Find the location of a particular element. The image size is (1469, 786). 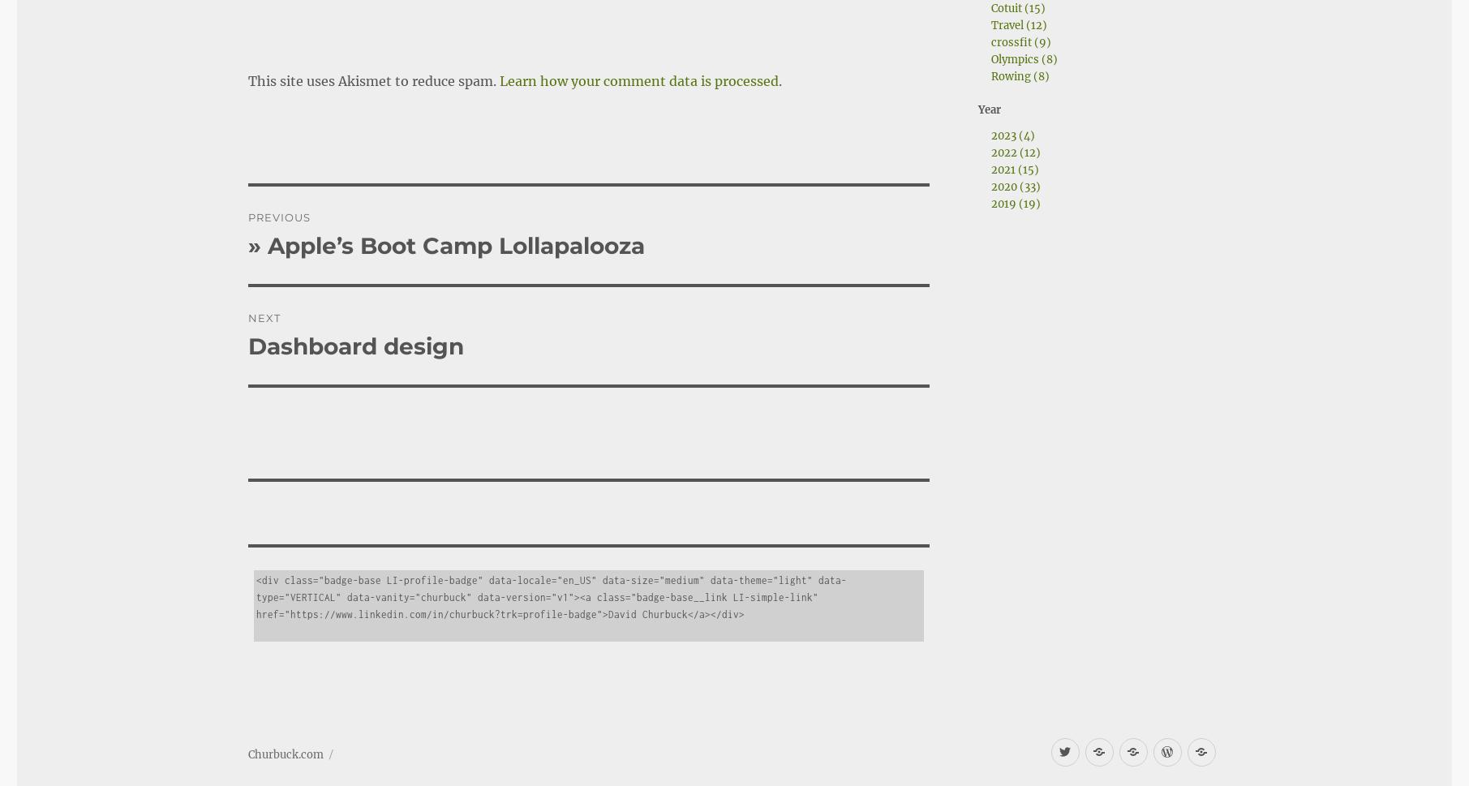

'Cotuit (15)' is located at coordinates (990, 8).